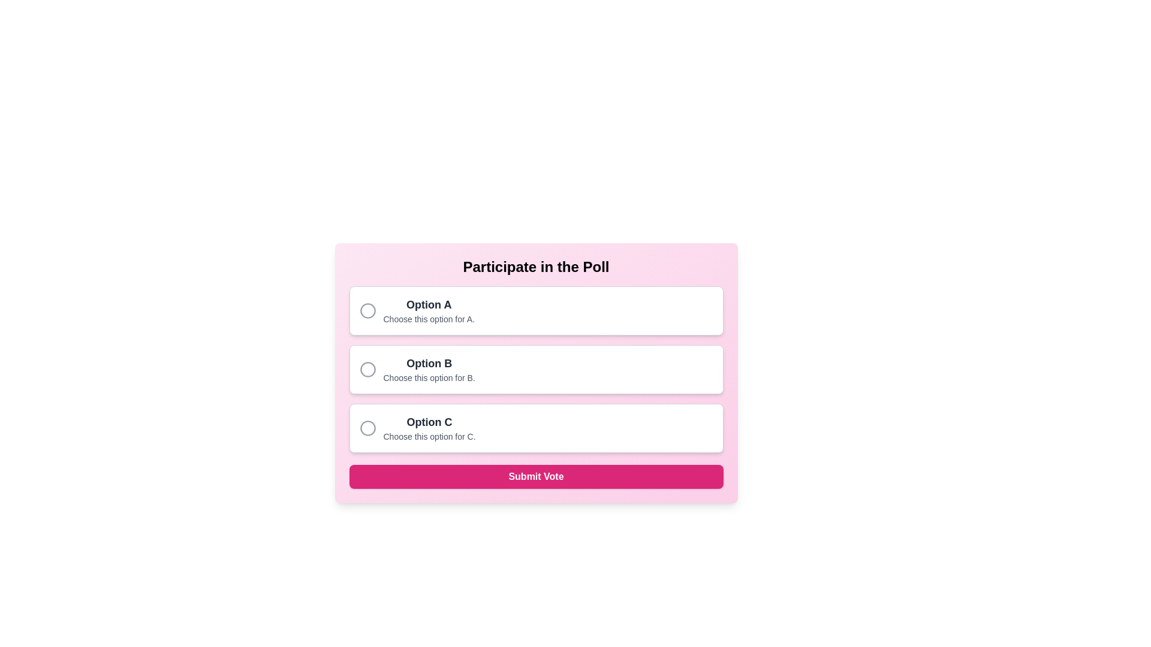 The image size is (1151, 647). Describe the element at coordinates (429, 427) in the screenshot. I see `the text label displaying 'Option C' with a description 'Choose this option for C.', which is located below 'Option B' and above the action button` at that location.